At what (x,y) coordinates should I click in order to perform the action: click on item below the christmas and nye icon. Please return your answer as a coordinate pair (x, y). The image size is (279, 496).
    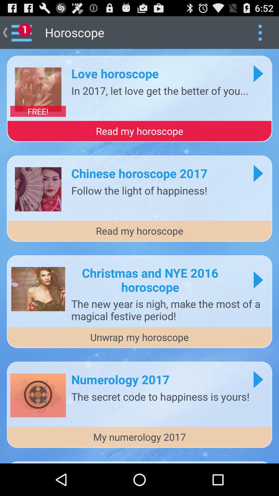
    Looking at the image, I should click on (169, 310).